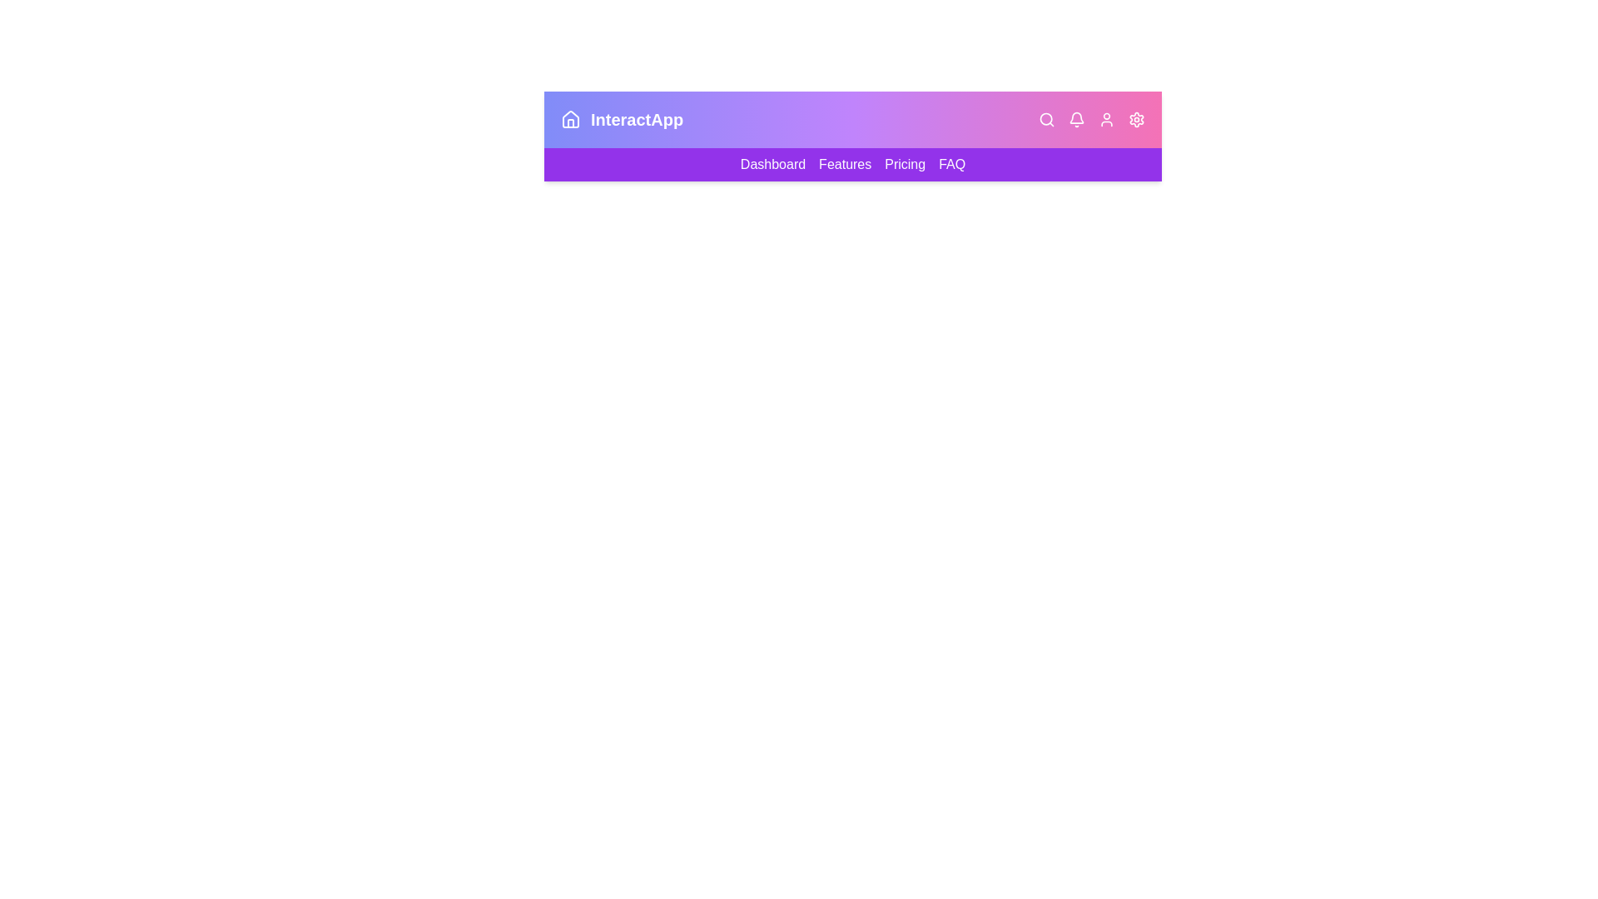  I want to click on the user icon to open the user menu or profile, so click(1106, 118).